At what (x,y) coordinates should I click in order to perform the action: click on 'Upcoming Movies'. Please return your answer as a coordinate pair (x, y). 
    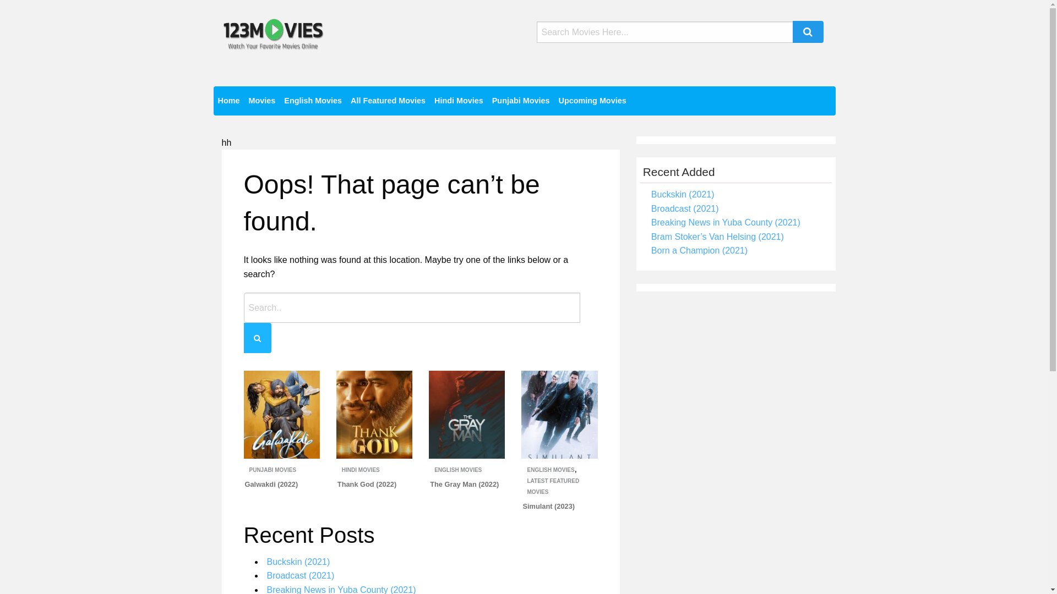
    Looking at the image, I should click on (592, 101).